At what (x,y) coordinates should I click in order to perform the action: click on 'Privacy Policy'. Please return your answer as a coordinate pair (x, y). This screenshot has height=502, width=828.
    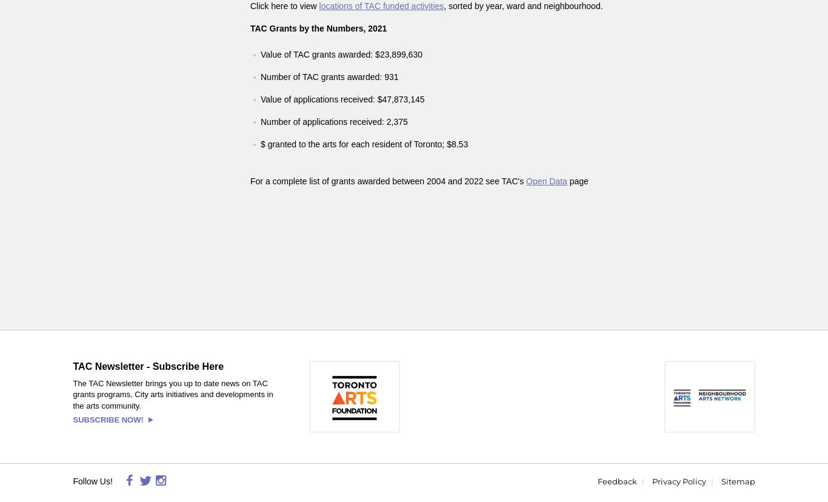
    Looking at the image, I should click on (678, 481).